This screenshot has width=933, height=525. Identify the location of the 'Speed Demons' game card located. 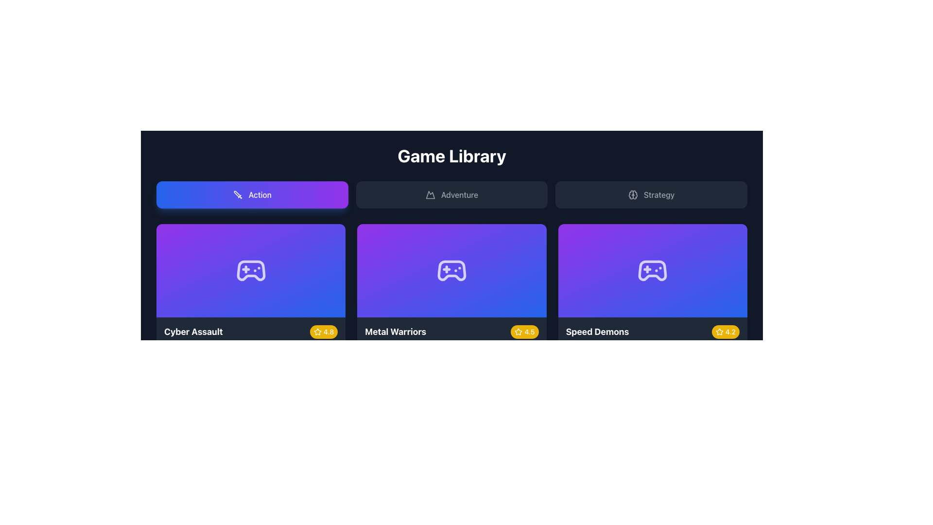
(653, 305).